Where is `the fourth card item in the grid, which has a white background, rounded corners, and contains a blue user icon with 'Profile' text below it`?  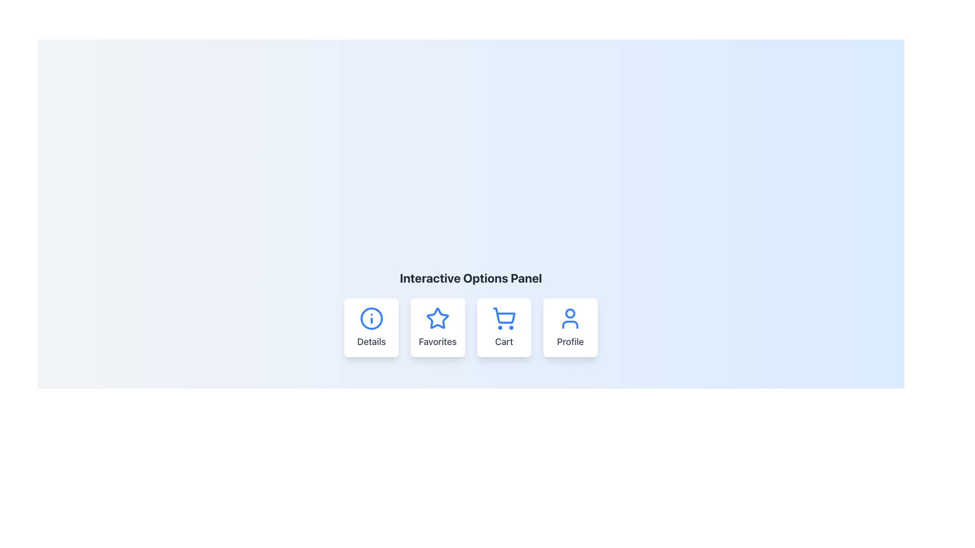 the fourth card item in the grid, which has a white background, rounded corners, and contains a blue user icon with 'Profile' text below it is located at coordinates (570, 327).